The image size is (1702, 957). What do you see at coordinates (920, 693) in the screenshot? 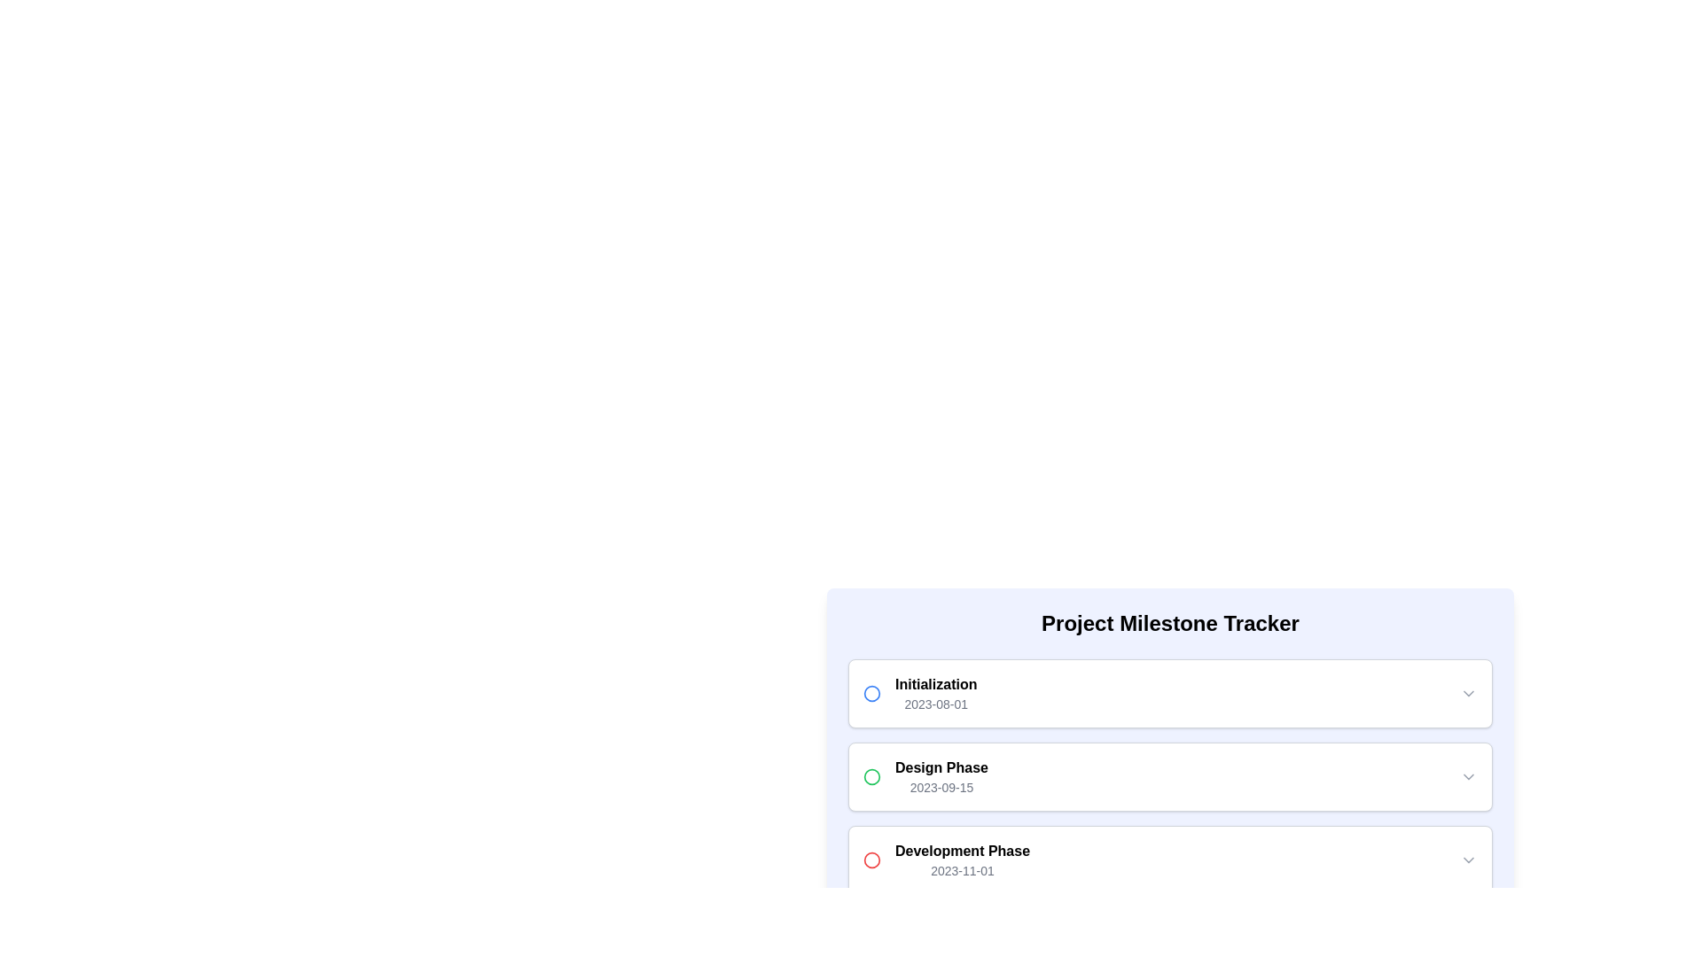
I see `the first list item titled 'Initialization', which features a blue circular icon and a subtitle with the date '2023-08-01'` at bounding box center [920, 693].